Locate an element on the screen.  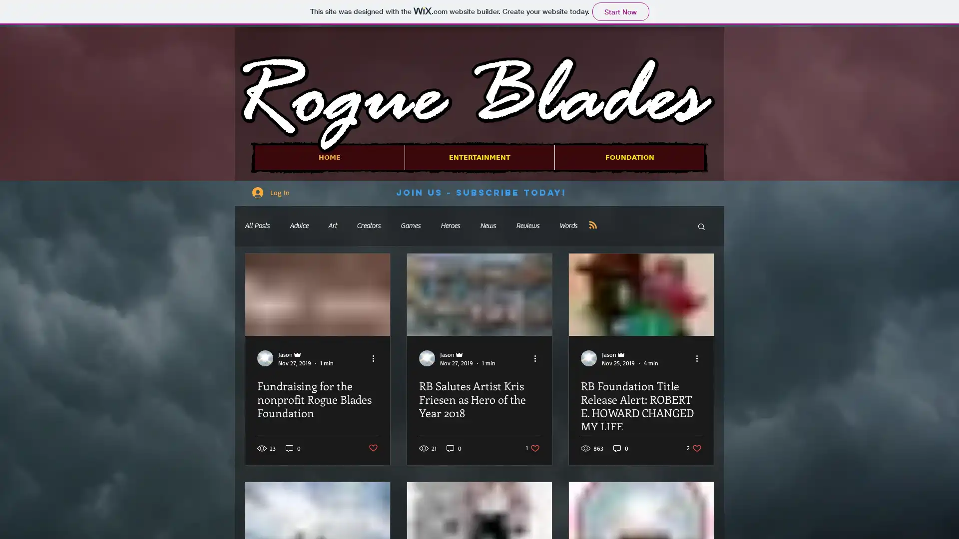
2 likes. Post not marked as liked is located at coordinates (694, 447).